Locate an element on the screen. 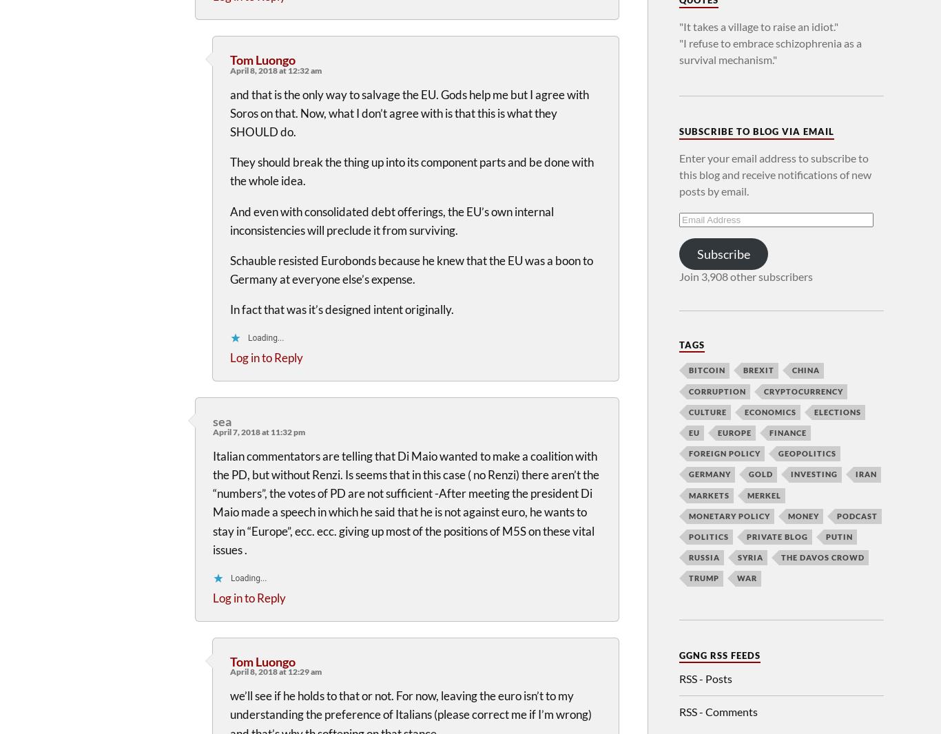 Image resolution: width=941 pixels, height=734 pixels. 'Brexit' is located at coordinates (758, 369).